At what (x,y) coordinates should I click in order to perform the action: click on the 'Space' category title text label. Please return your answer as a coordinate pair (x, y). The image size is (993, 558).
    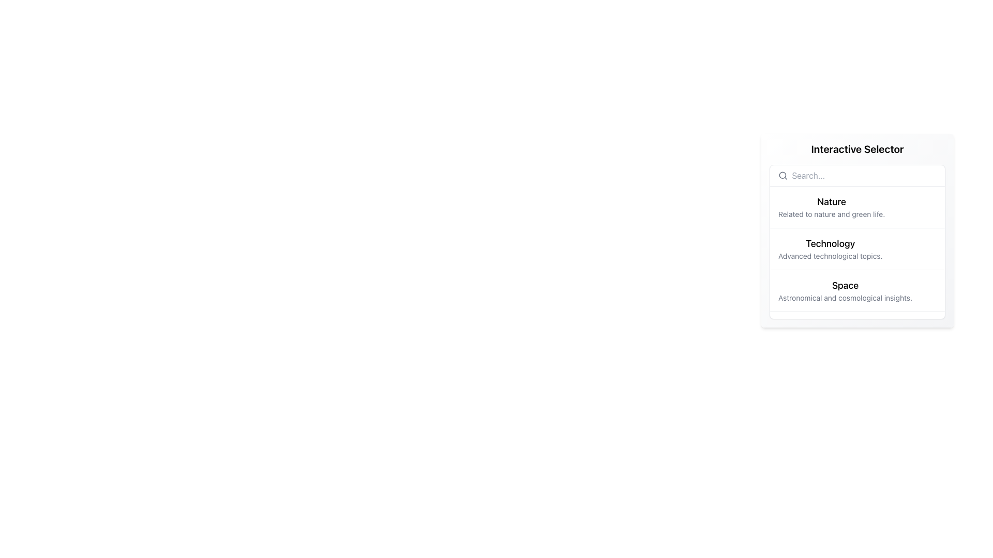
    Looking at the image, I should click on (845, 285).